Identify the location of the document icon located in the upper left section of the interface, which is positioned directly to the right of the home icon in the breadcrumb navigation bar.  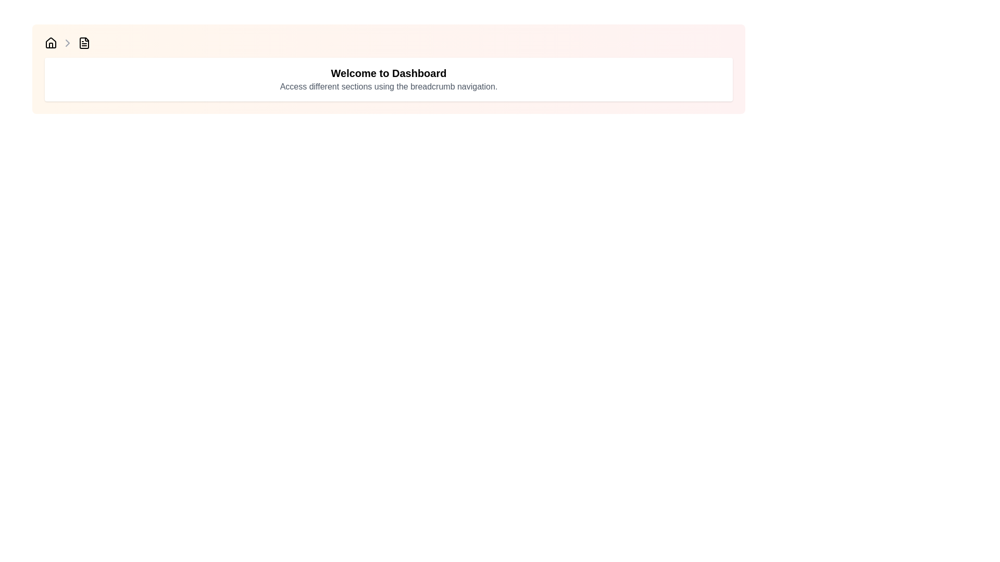
(84, 43).